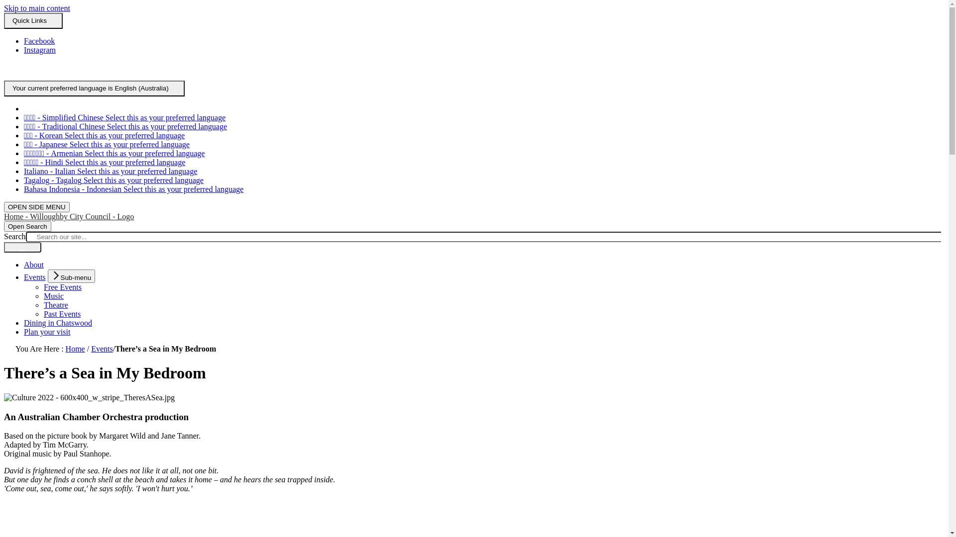 The width and height of the screenshot is (956, 537). Describe the element at coordinates (61, 314) in the screenshot. I see `'Past Events'` at that location.